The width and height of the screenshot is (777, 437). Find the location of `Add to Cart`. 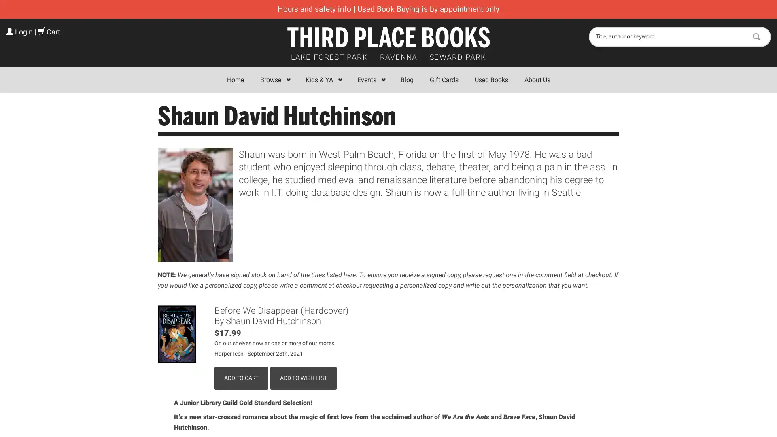

Add to Cart is located at coordinates (241, 378).